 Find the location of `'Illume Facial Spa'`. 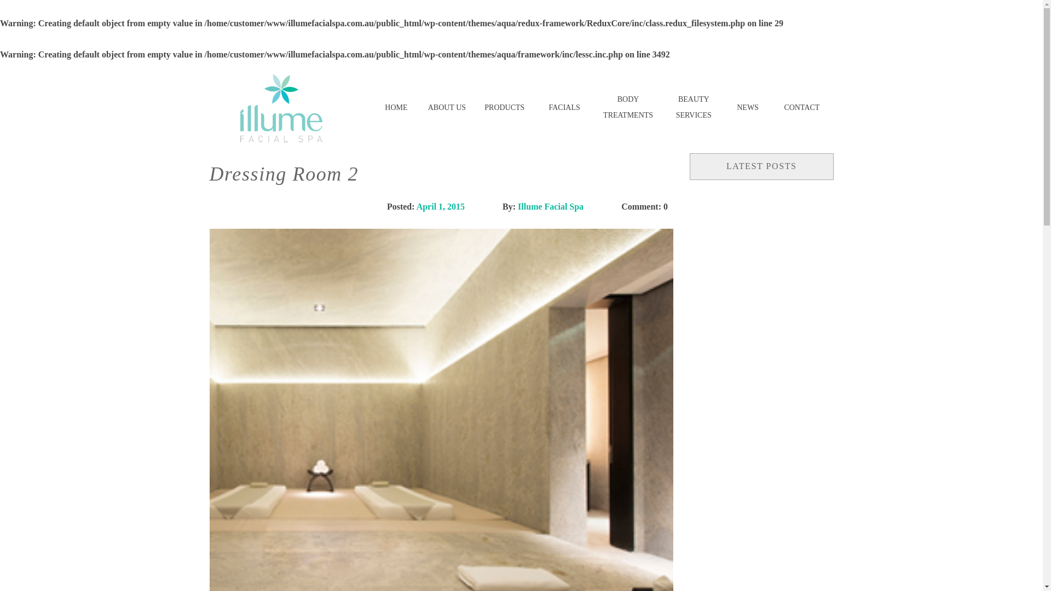

'Illume Facial Spa' is located at coordinates (551, 206).